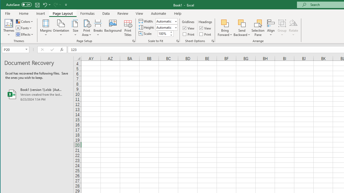 The image size is (344, 193). What do you see at coordinates (25, 21) in the screenshot?
I see `'Colors'` at bounding box center [25, 21].